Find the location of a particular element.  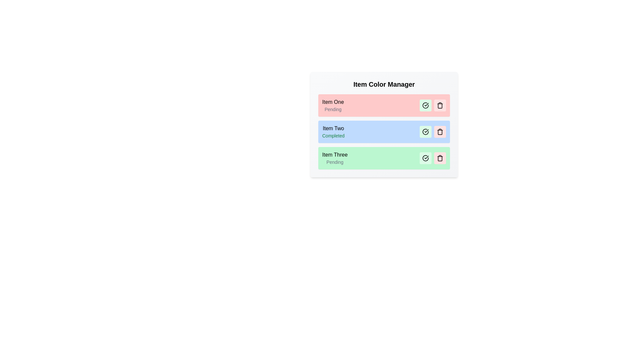

the delete button for the item Item Three is located at coordinates (440, 158).